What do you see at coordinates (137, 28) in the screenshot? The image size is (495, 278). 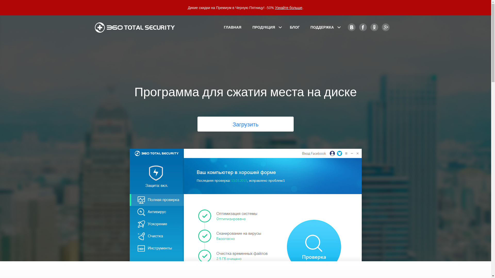 I see `'360 Total Security'` at bounding box center [137, 28].